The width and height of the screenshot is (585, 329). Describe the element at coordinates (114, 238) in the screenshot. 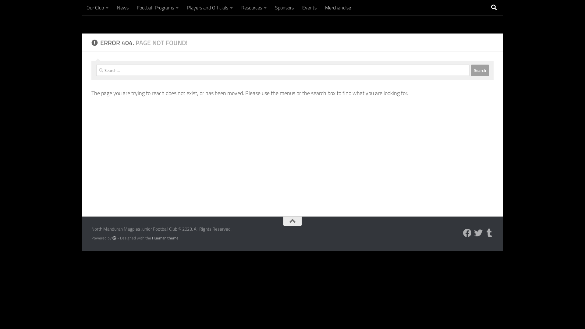

I see `'Powered by WordPress'` at that location.